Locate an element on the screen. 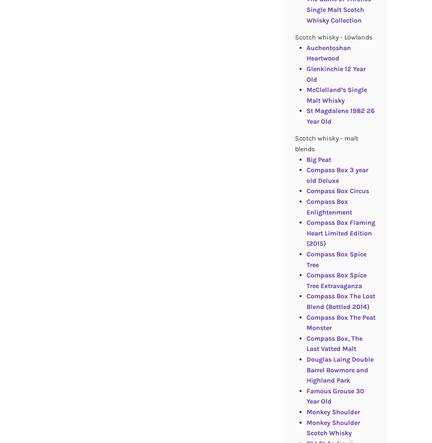  'Monkey Shoulder' is located at coordinates (332, 411).